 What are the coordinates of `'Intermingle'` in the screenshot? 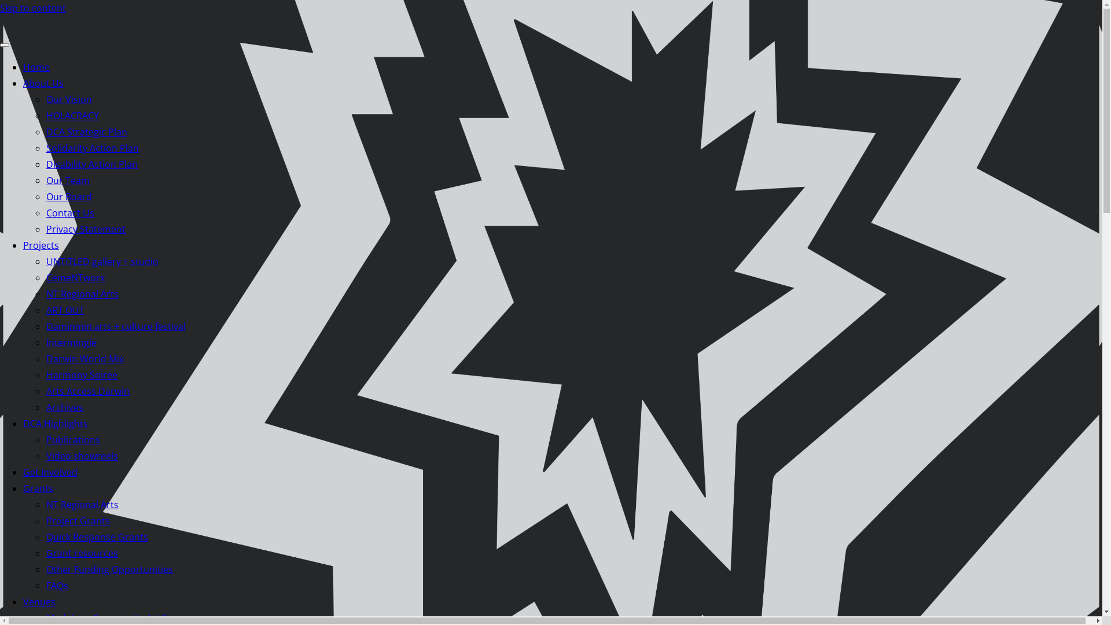 It's located at (46, 341).